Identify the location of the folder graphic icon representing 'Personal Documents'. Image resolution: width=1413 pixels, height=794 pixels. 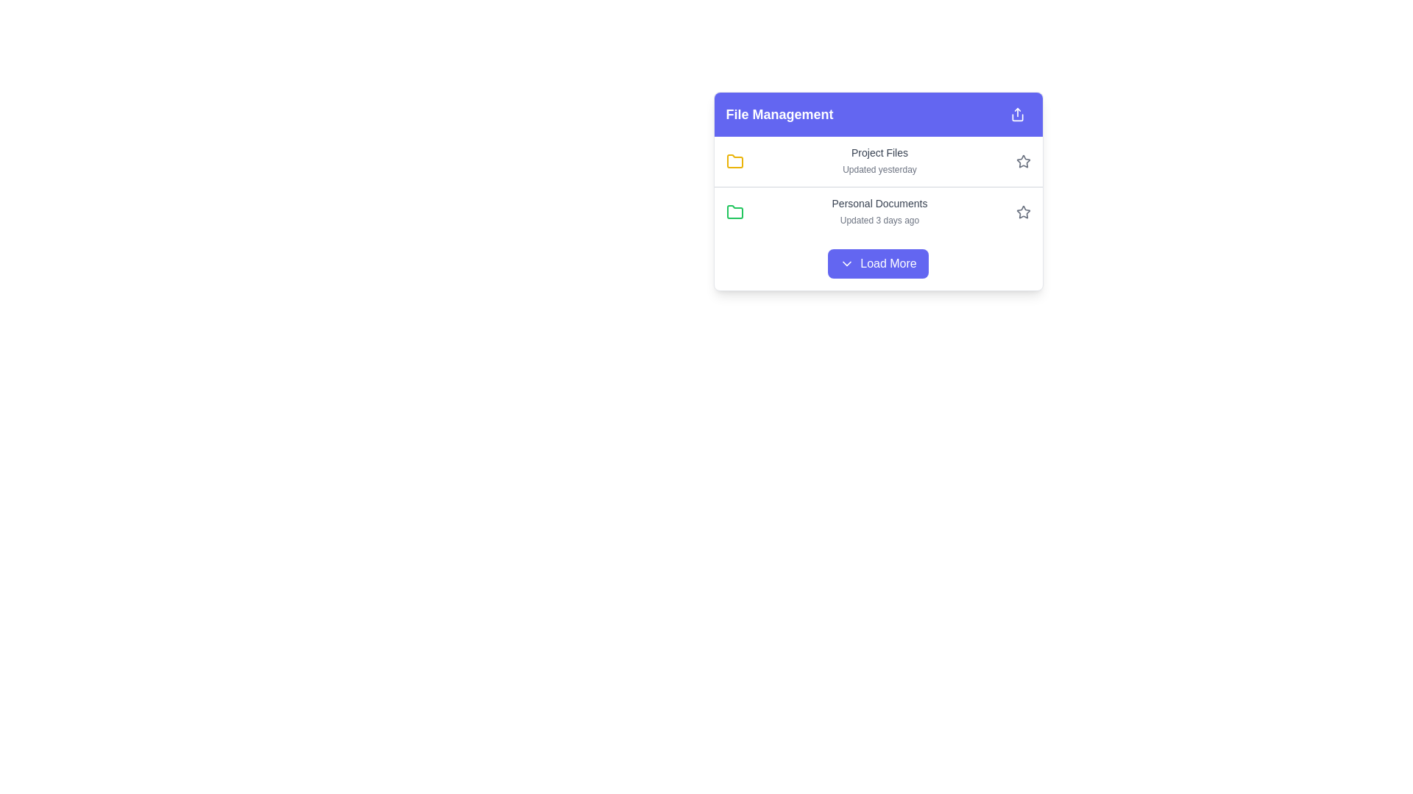
(734, 212).